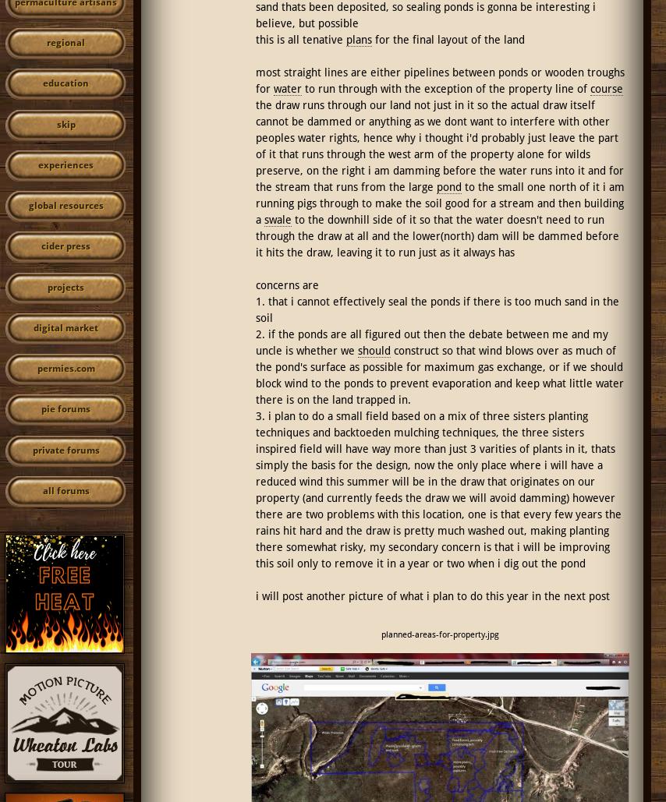 This screenshot has width=666, height=802. I want to click on 'all forums', so click(41, 490).